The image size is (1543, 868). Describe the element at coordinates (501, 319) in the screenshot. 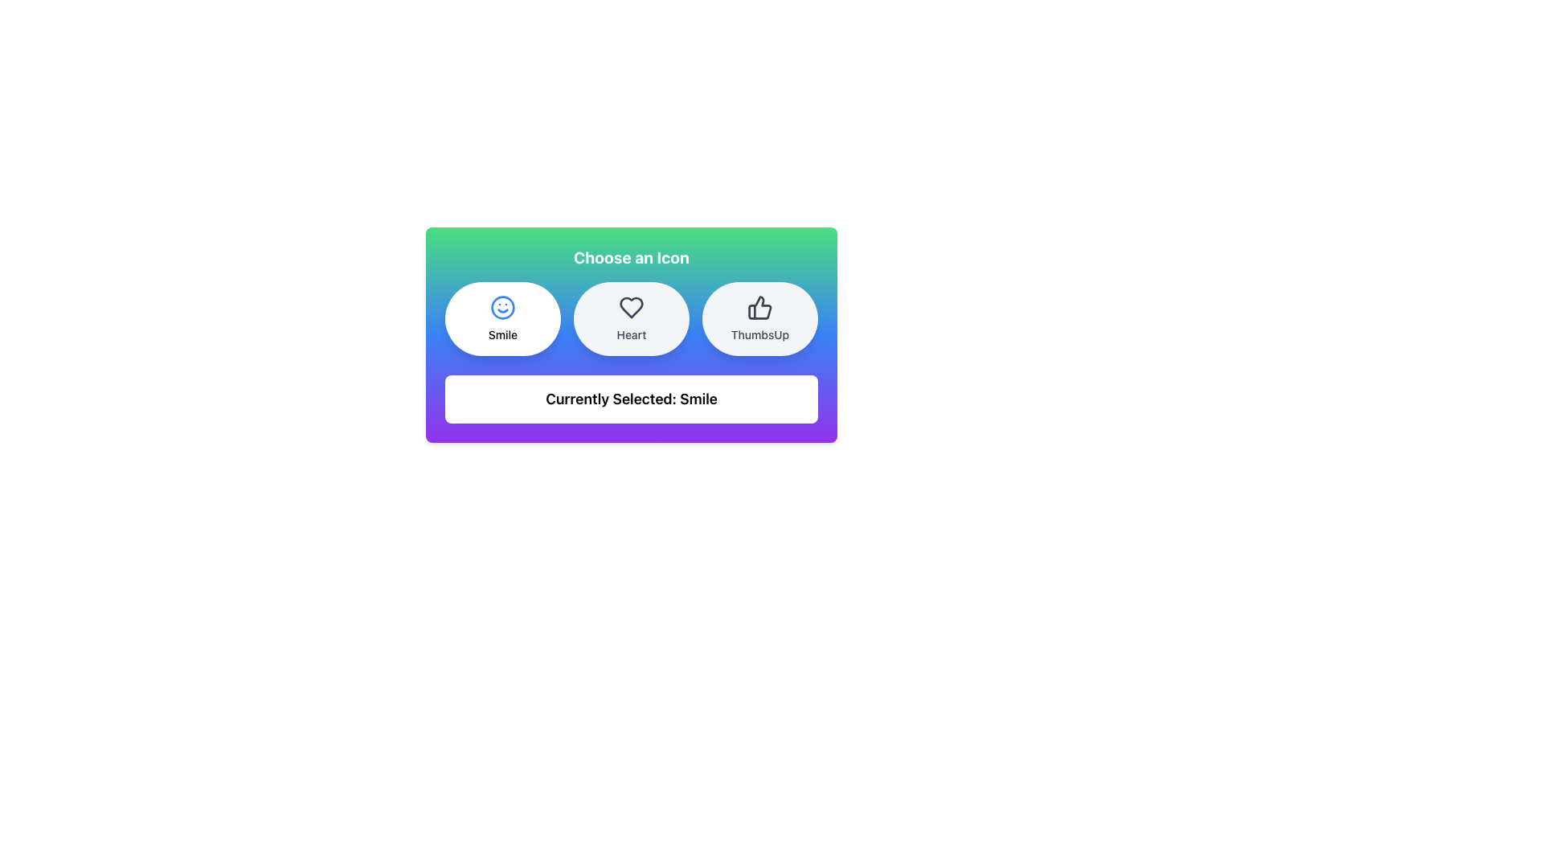

I see `the Interactive option with a smiling face icon and the label 'Smile'` at that location.